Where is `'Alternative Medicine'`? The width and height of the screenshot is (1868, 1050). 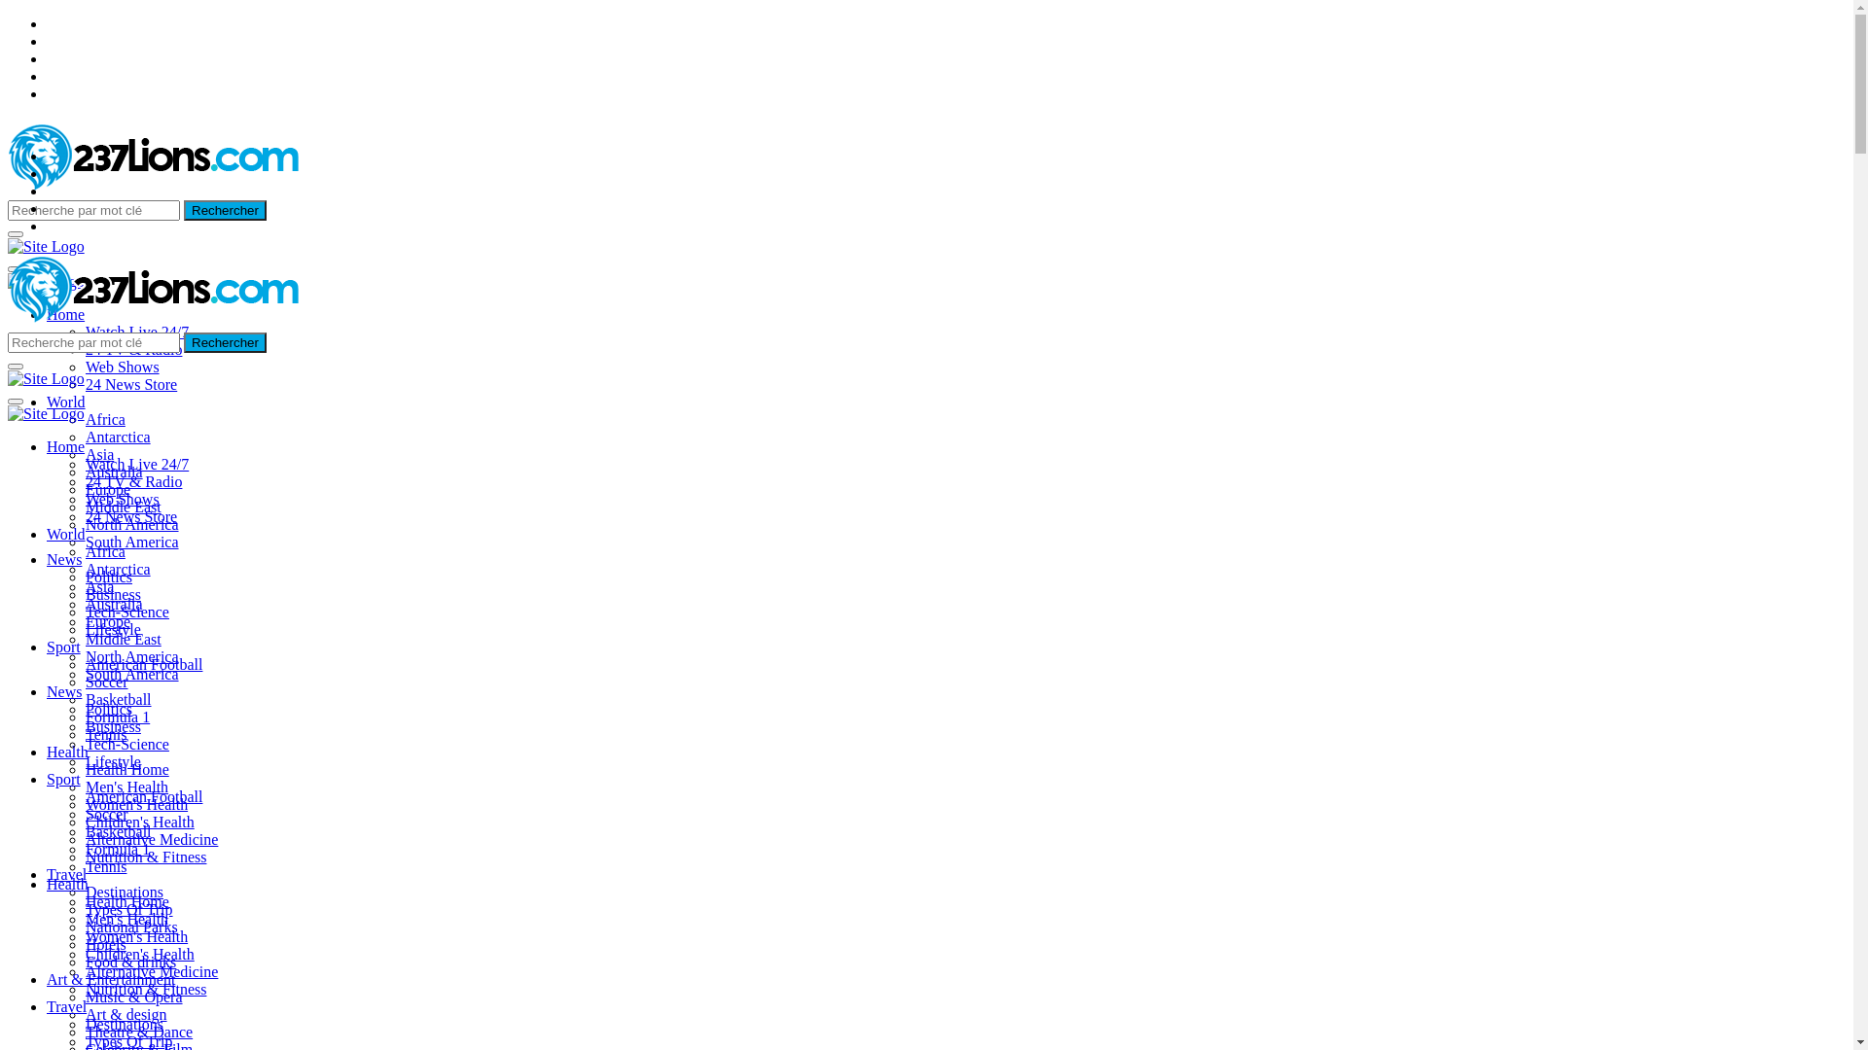
'Alternative Medicine' is located at coordinates (151, 838).